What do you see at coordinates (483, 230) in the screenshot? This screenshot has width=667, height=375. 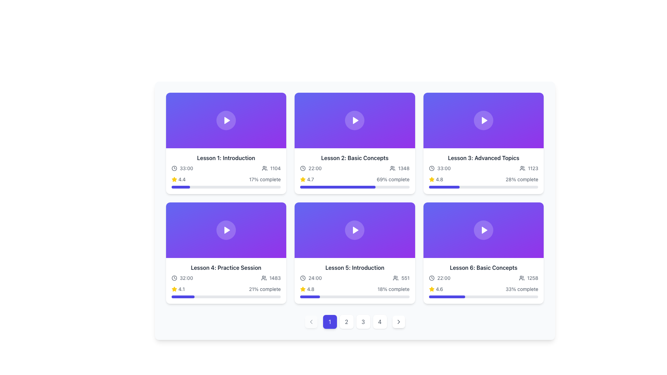 I see `the circular button with a play icon located in the center of the Lesson 6 card to observe its visual effect` at bounding box center [483, 230].